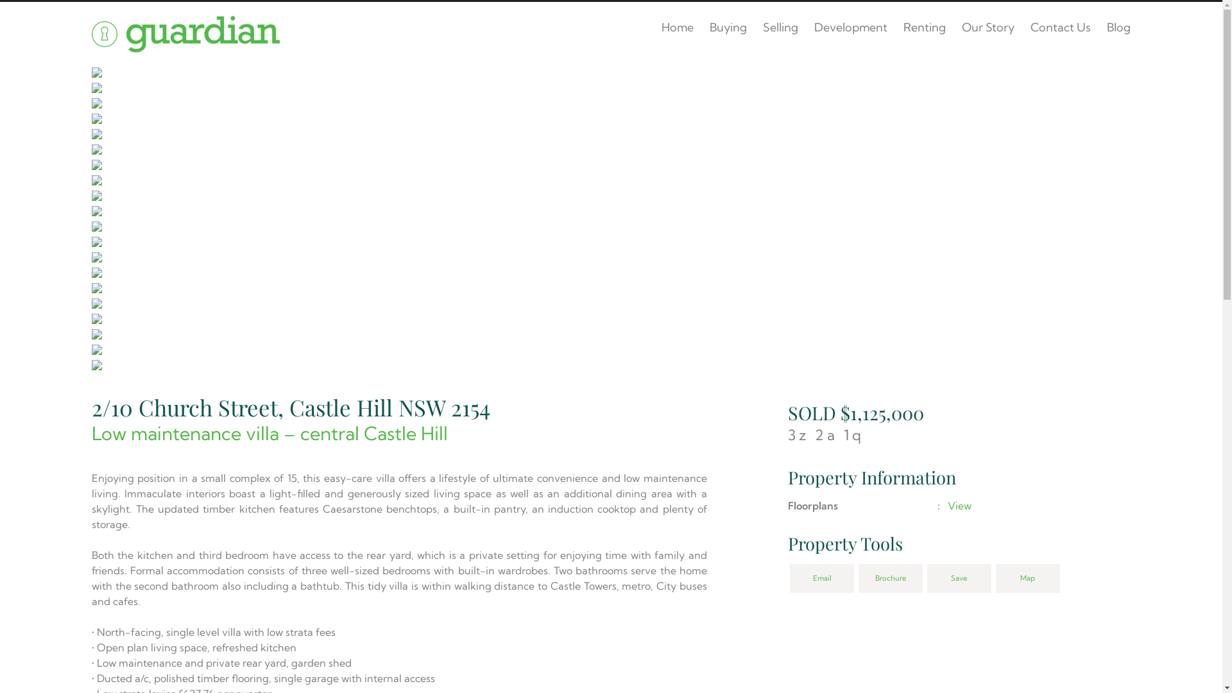 The width and height of the screenshot is (1232, 693). Describe the element at coordinates (1031, 27) in the screenshot. I see `'Contact Us'` at that location.